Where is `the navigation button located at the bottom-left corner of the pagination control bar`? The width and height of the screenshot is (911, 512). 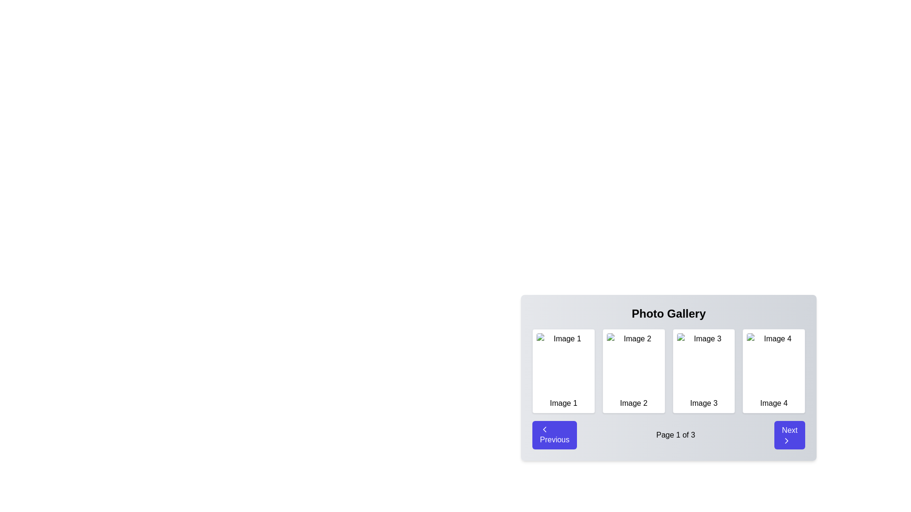
the navigation button located at the bottom-left corner of the pagination control bar is located at coordinates (555, 435).